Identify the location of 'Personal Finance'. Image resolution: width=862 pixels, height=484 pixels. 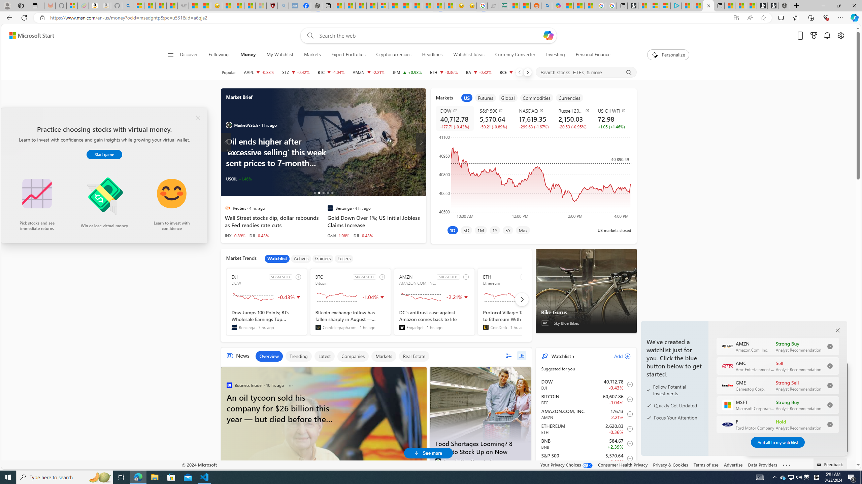
(590, 54).